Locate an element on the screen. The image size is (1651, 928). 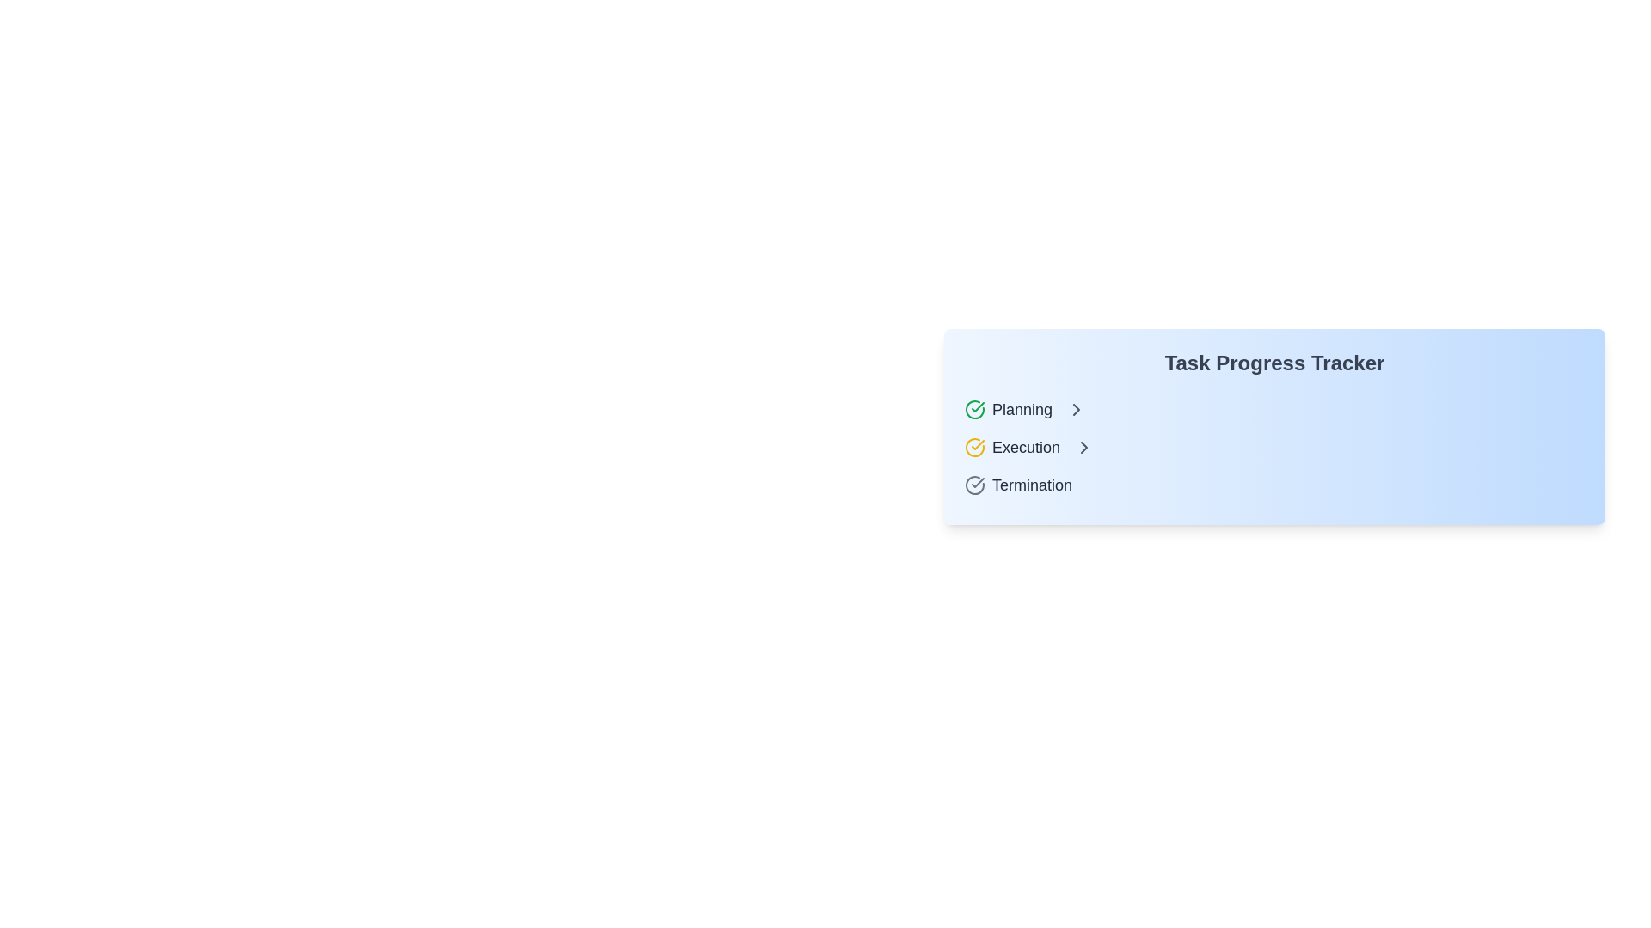
the 'Termination' status label in the task progress tracker located in the lower section of the vertical list is located at coordinates (1032, 485).